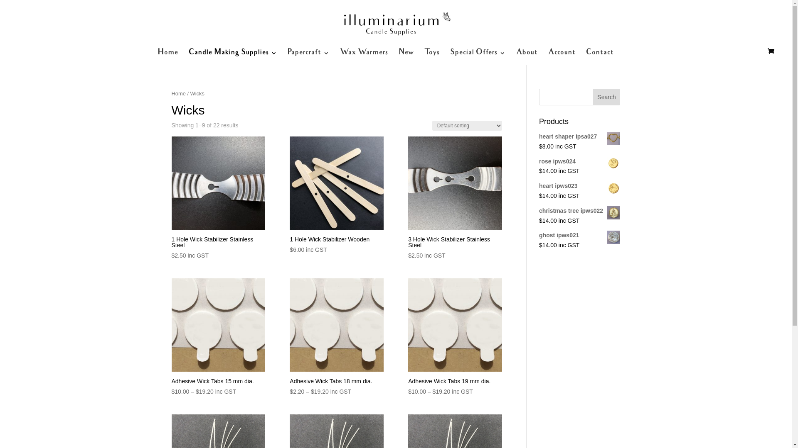 Image resolution: width=798 pixels, height=448 pixels. What do you see at coordinates (539, 211) in the screenshot?
I see `'christmas tree ipws022'` at bounding box center [539, 211].